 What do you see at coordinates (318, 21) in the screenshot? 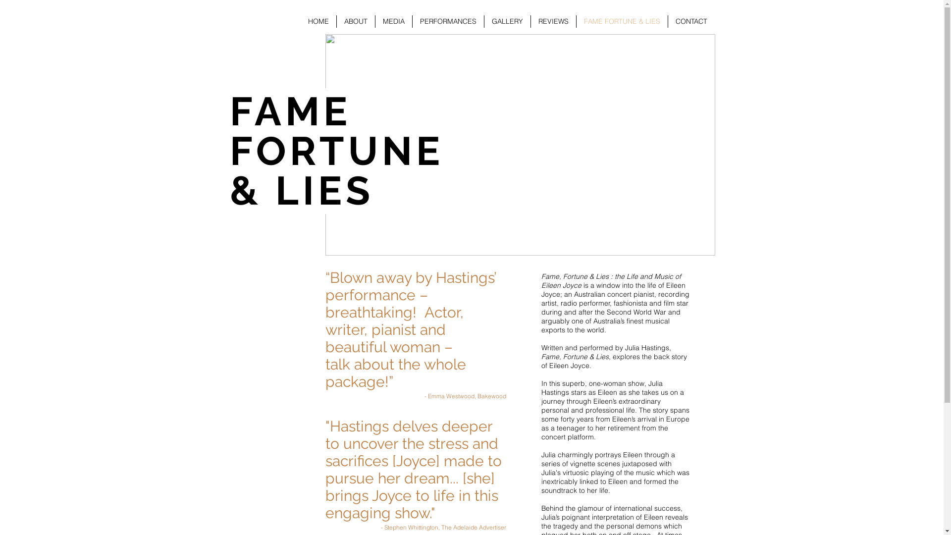
I see `'HOME'` at bounding box center [318, 21].